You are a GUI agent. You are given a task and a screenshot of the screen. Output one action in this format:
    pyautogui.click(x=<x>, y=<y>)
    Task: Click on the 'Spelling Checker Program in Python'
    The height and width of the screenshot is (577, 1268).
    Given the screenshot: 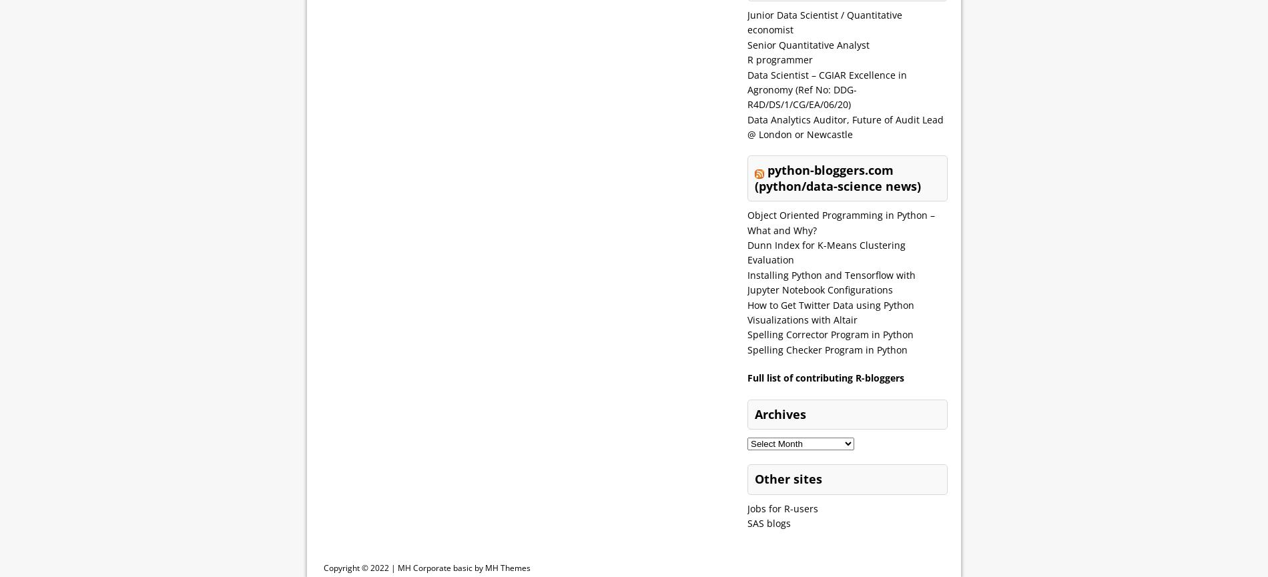 What is the action you would take?
    pyautogui.click(x=826, y=348)
    